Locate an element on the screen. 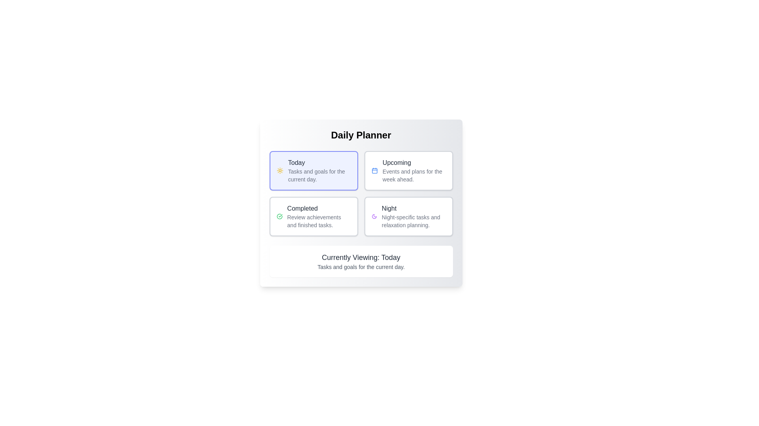 This screenshot has height=426, width=759. the rectangular Icon component of the calendar located in the 'Upcoming' section of the interface is located at coordinates (374, 170).